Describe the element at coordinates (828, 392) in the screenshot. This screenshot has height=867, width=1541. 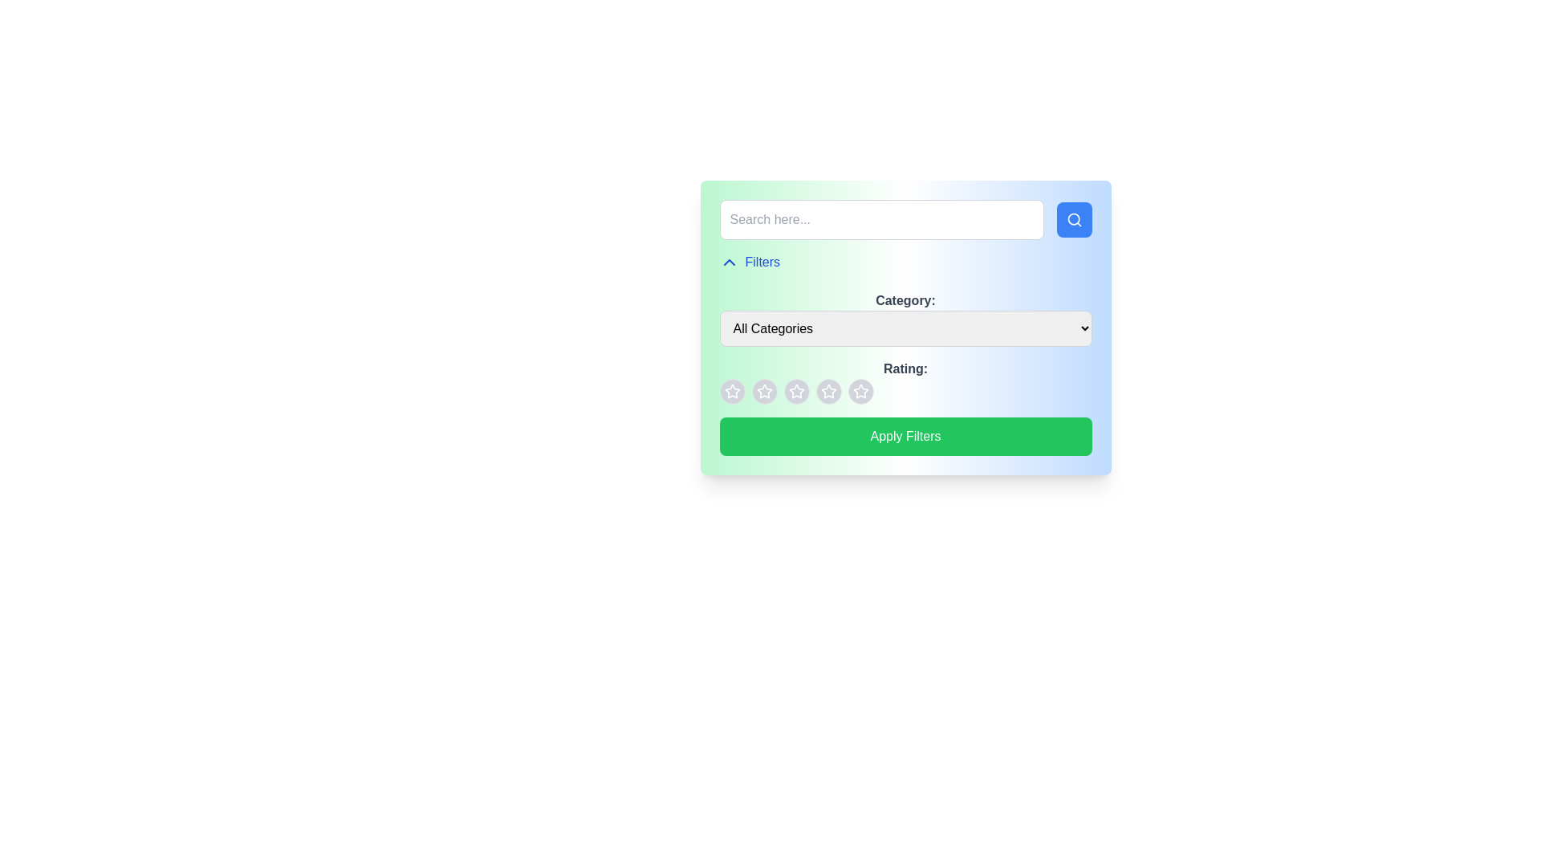
I see `the fourth star rating button in the 'Rating' section of the filter panel` at that location.